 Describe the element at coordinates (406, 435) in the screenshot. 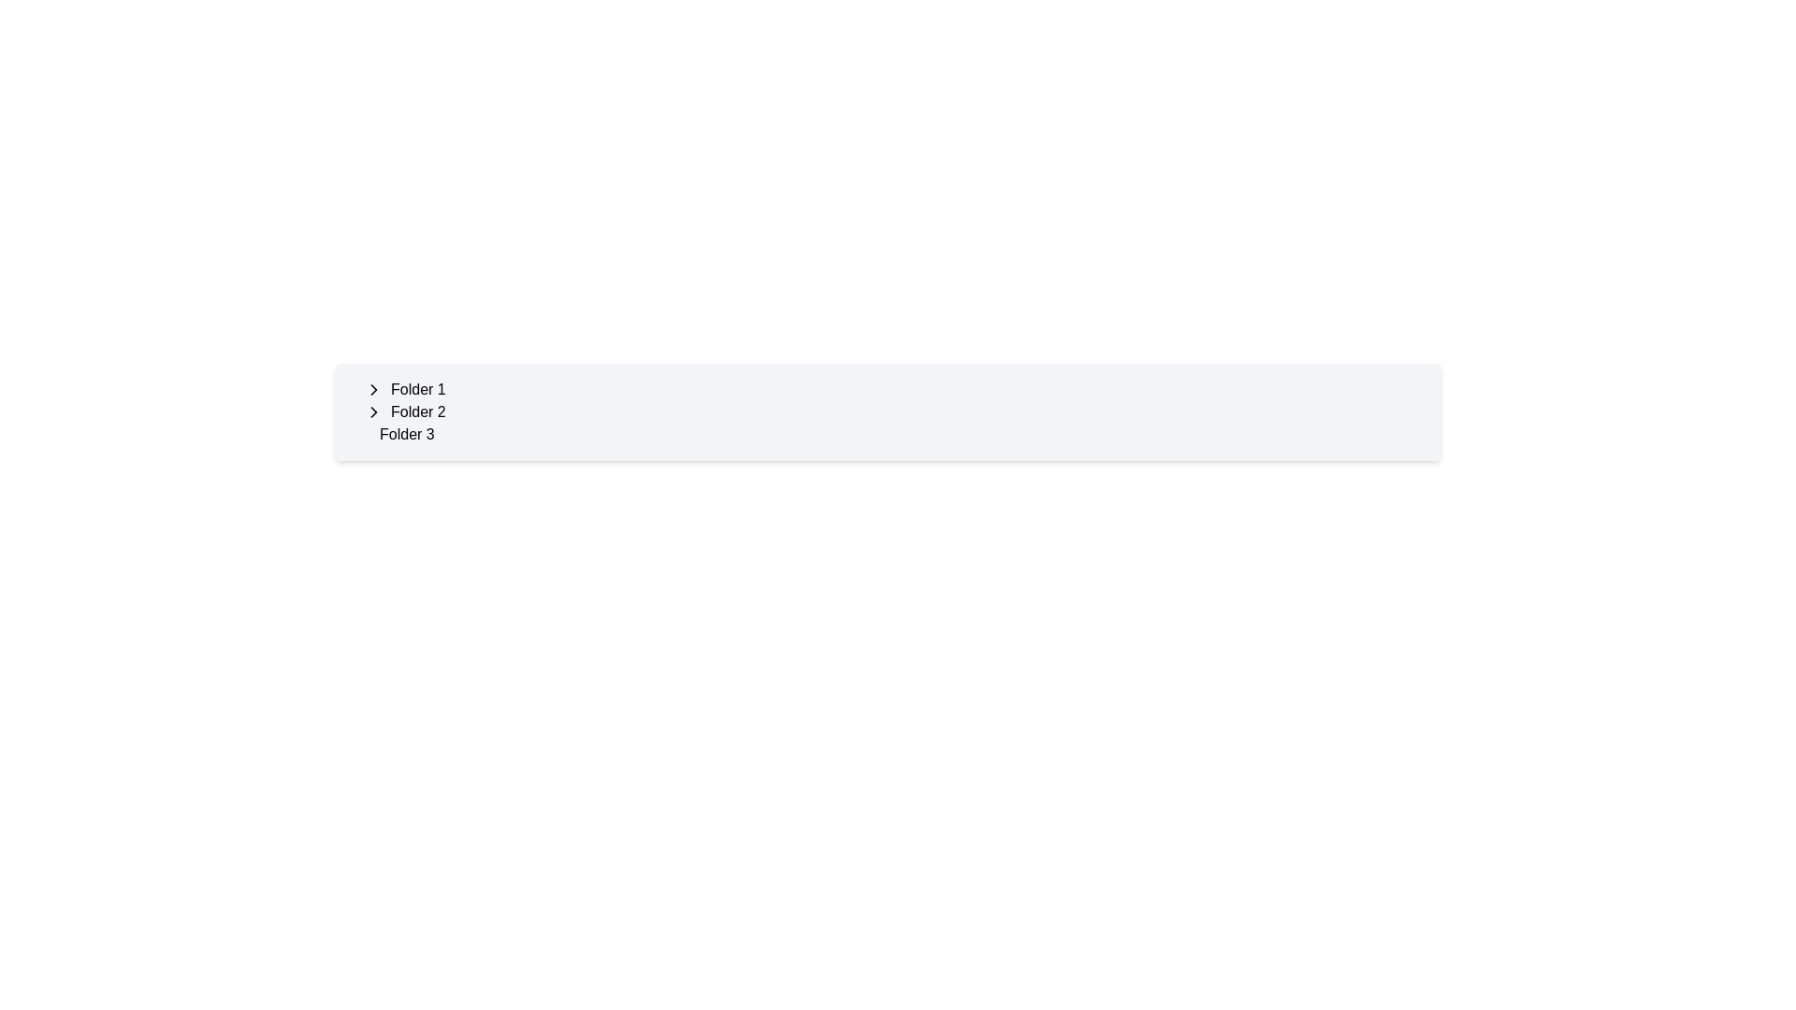

I see `on the third item in the vertical list representing a folder name, located beneath 'Folder 1' and 'Folder 2'` at that location.